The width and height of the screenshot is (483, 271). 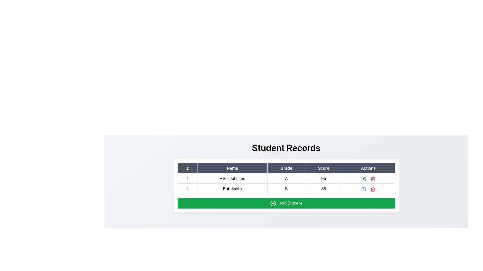 What do you see at coordinates (373, 189) in the screenshot?
I see `the delete icon in the Actions column of the second row in the Student Records table` at bounding box center [373, 189].